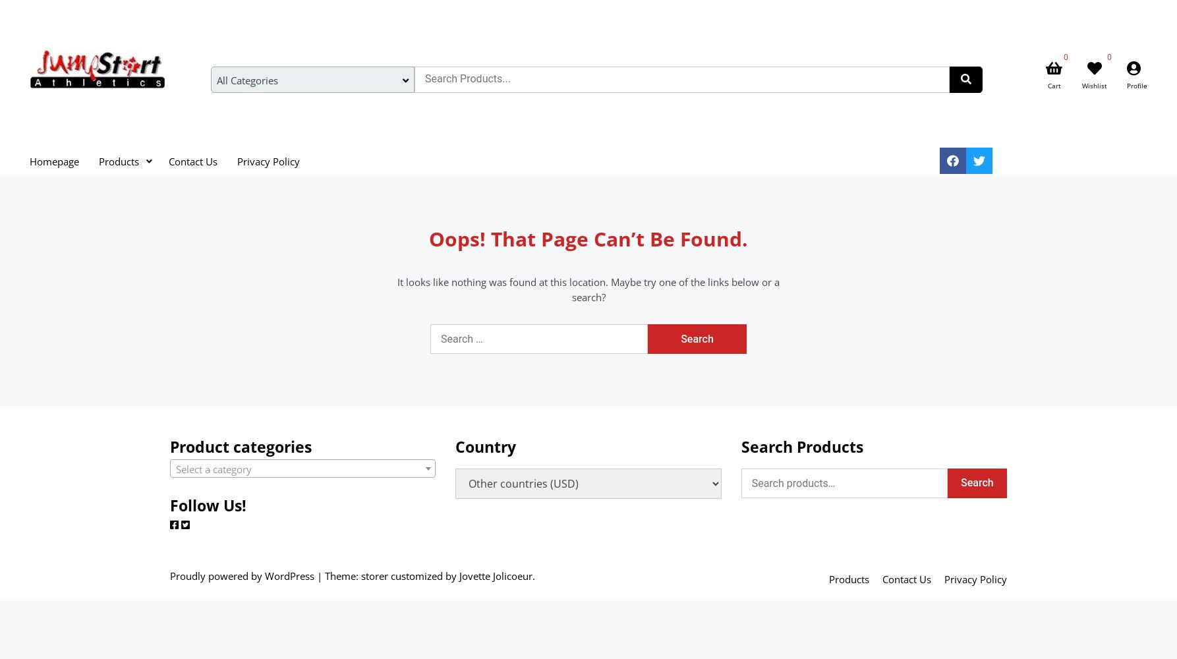 Image resolution: width=1177 pixels, height=659 pixels. What do you see at coordinates (1081, 86) in the screenshot?
I see `'Wishlist'` at bounding box center [1081, 86].